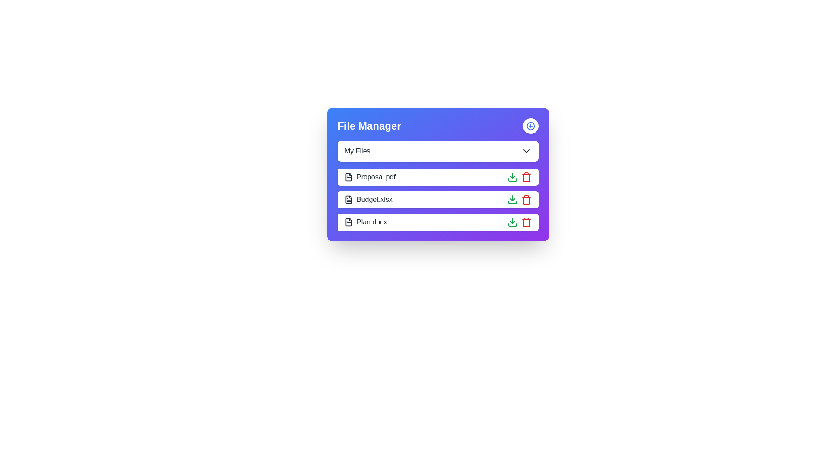 This screenshot has width=832, height=468. What do you see at coordinates (512, 200) in the screenshot?
I see `the green download arrow icon button located to the right of 'Budget.xlsx' to initiate a file download` at bounding box center [512, 200].